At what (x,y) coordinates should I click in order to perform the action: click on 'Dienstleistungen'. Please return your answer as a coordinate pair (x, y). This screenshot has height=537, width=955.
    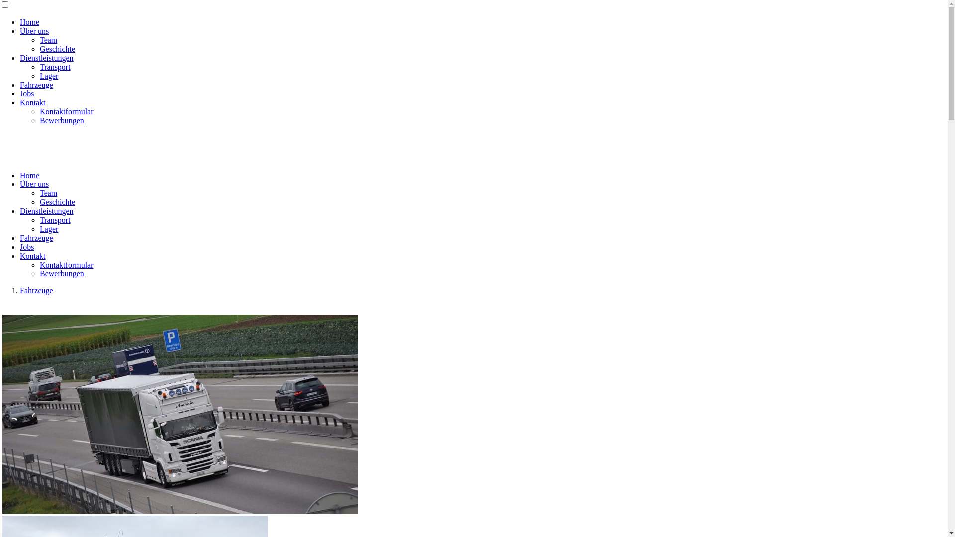
    Looking at the image, I should click on (46, 210).